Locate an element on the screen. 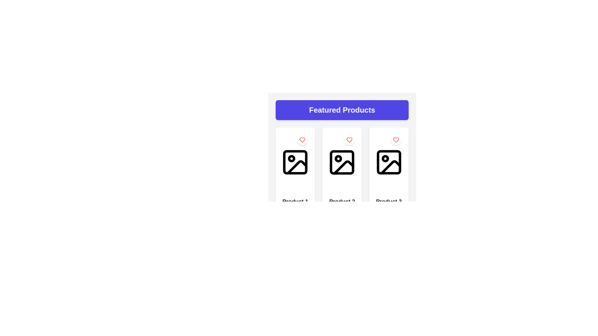 This screenshot has width=598, height=336. the decorative circle indicating a highlighted feature within the icon of 'Product 3' in the 'Featured Products' section is located at coordinates (385, 158).